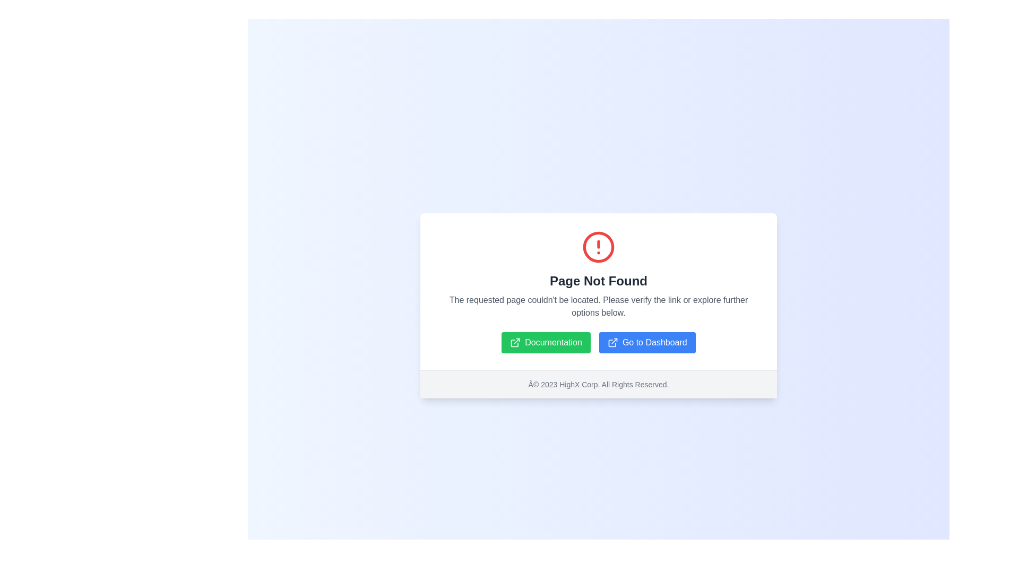 This screenshot has height=573, width=1019. Describe the element at coordinates (646, 342) in the screenshot. I see `the second button in the horizontally aligned pair` at that location.